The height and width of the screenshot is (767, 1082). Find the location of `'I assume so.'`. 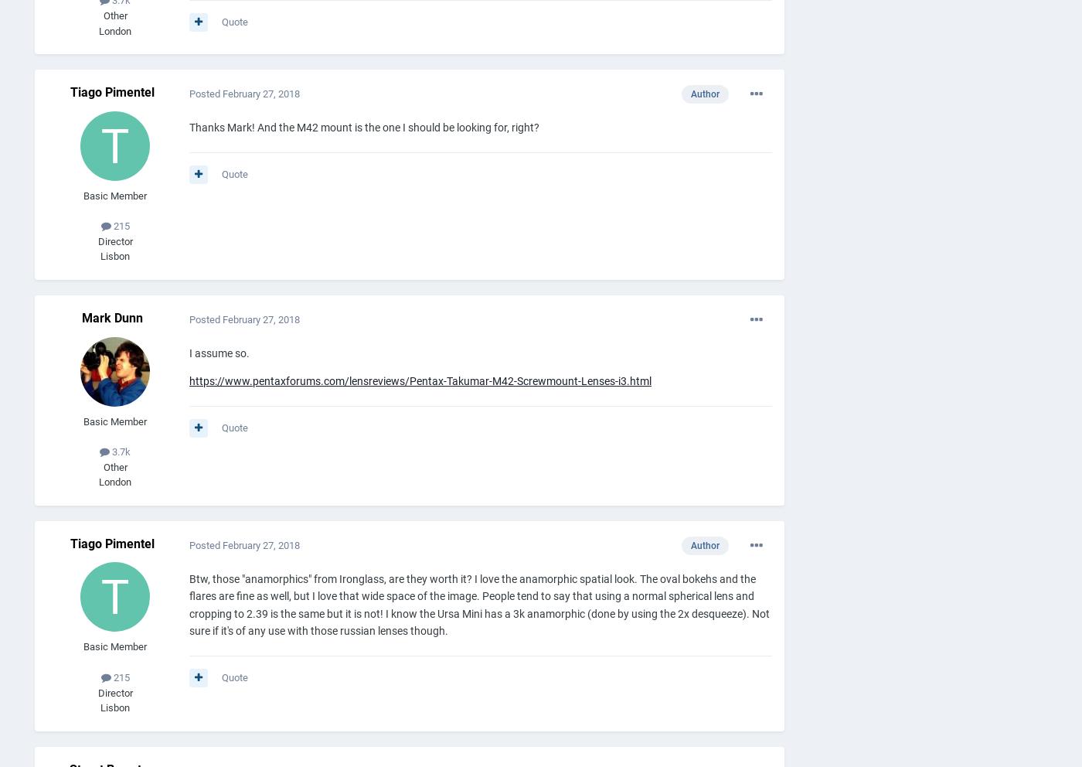

'I assume so.' is located at coordinates (219, 353).